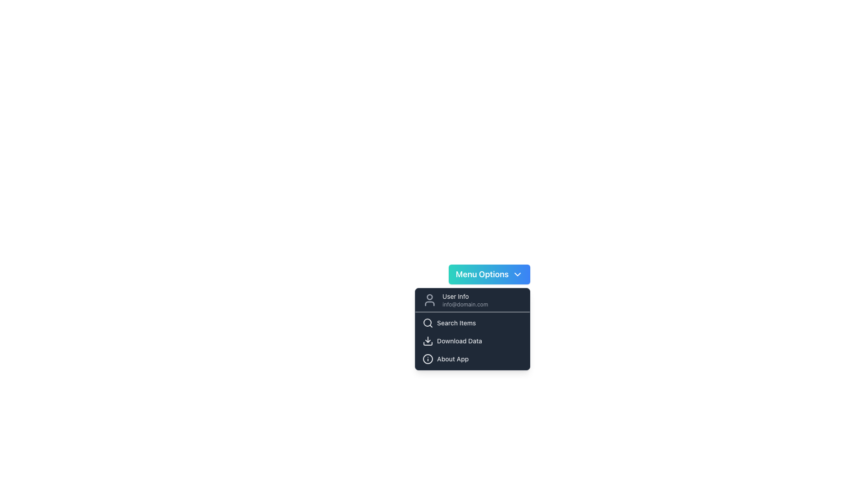 Image resolution: width=865 pixels, height=486 pixels. What do you see at coordinates (472, 341) in the screenshot?
I see `the dropdown menu options group located under the 'Menu Options' button` at bounding box center [472, 341].